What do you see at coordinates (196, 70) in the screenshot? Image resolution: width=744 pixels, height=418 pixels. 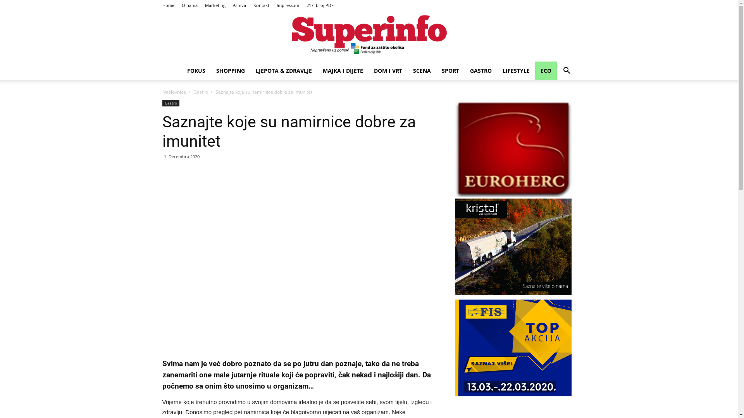 I see `'FOKUS'` at bounding box center [196, 70].